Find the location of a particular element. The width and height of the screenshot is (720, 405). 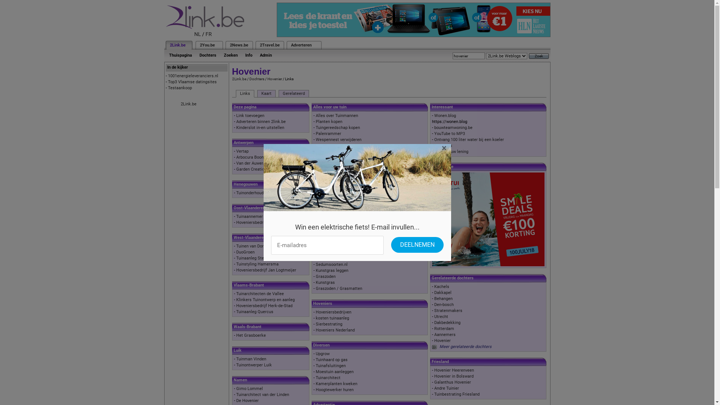

'DuoGroen' is located at coordinates (245, 252).